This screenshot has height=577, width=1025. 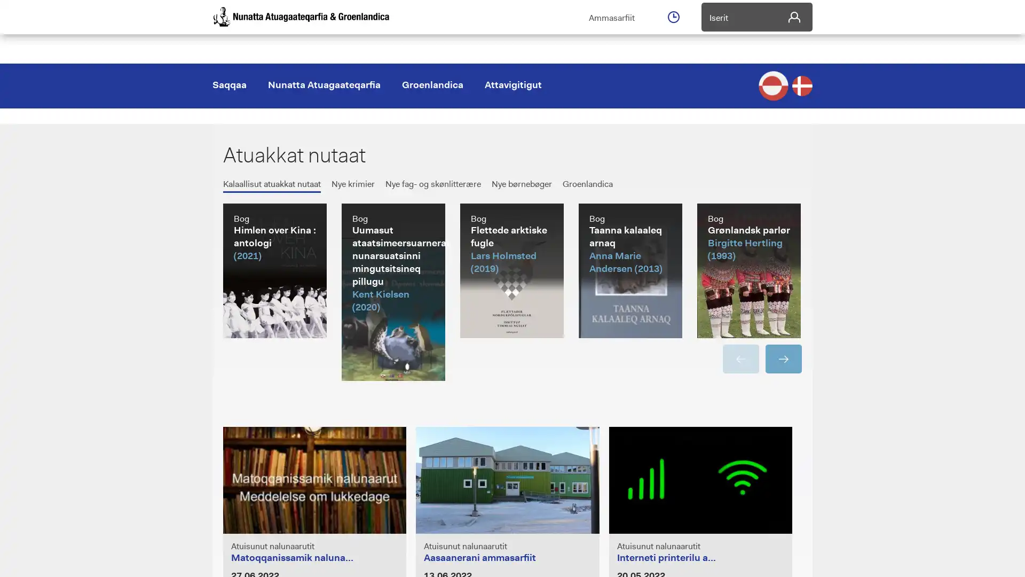 I want to click on Previous, so click(x=740, y=358).